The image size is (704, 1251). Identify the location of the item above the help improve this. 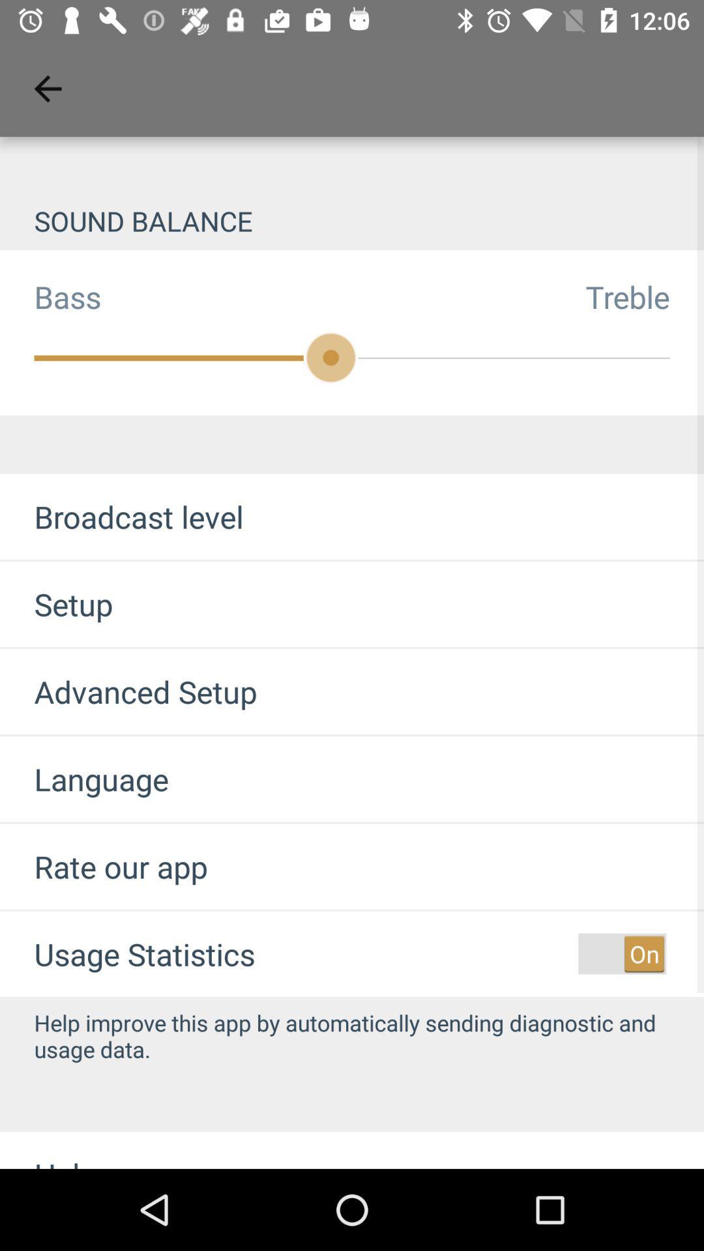
(621, 954).